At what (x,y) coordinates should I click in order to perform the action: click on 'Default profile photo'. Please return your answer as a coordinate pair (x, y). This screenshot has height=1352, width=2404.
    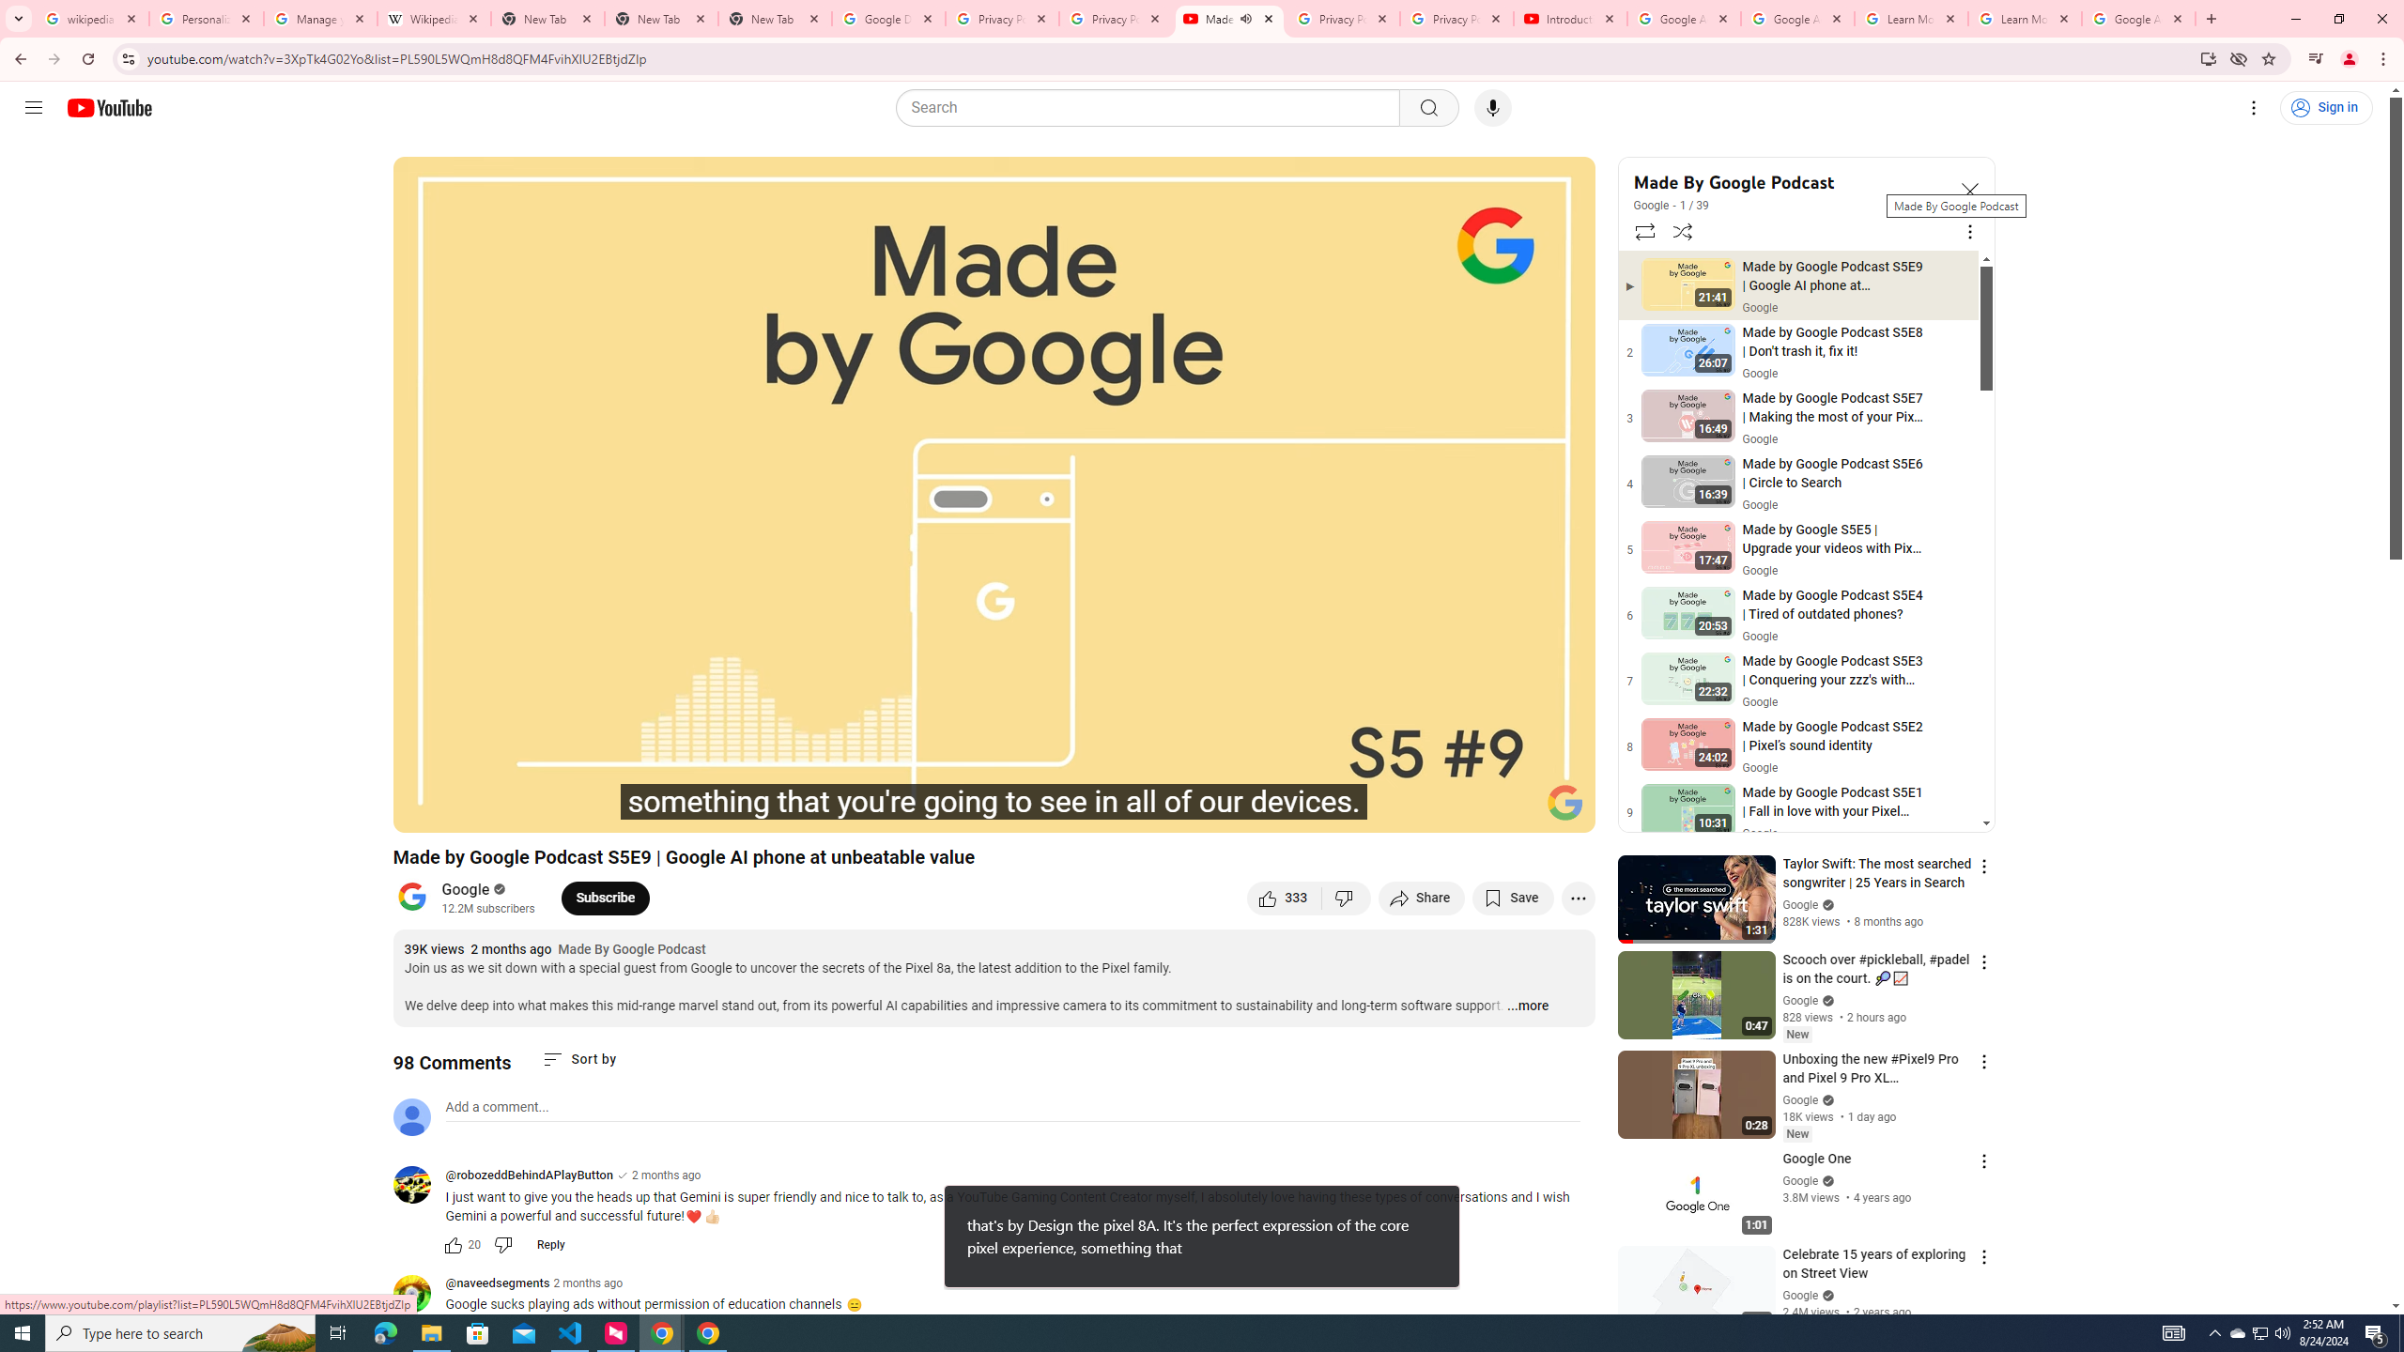
    Looking at the image, I should click on (409, 1115).